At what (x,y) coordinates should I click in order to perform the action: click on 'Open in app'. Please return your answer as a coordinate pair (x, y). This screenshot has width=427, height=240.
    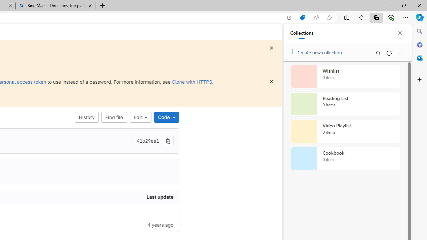
    Looking at the image, I should click on (289, 17).